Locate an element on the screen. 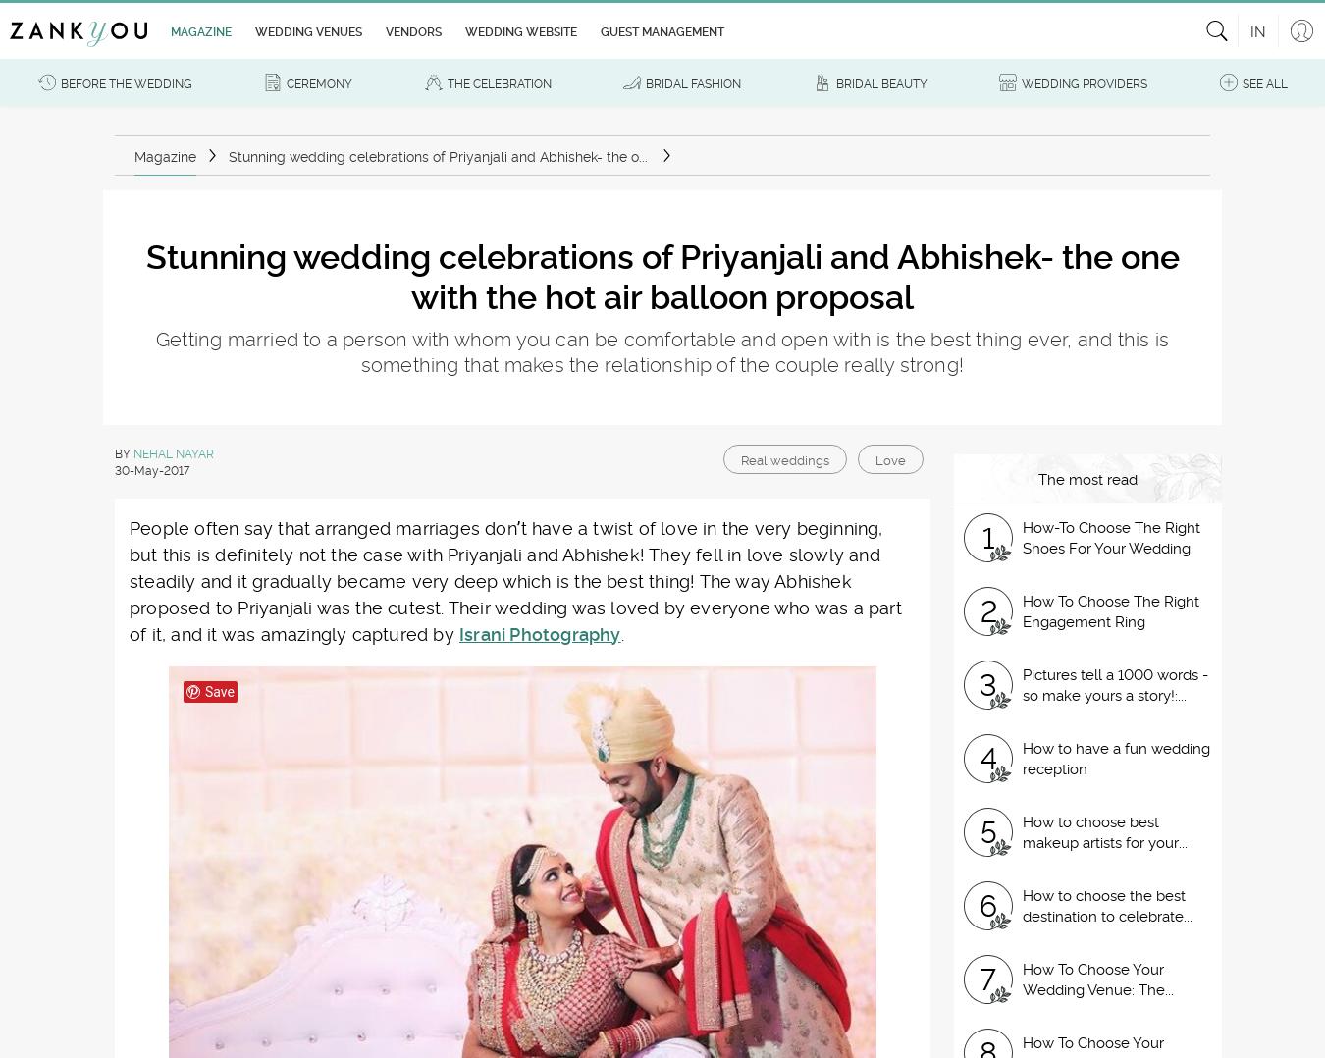 This screenshot has width=1325, height=1058. 'Leave a comment' is located at coordinates (134, 720).